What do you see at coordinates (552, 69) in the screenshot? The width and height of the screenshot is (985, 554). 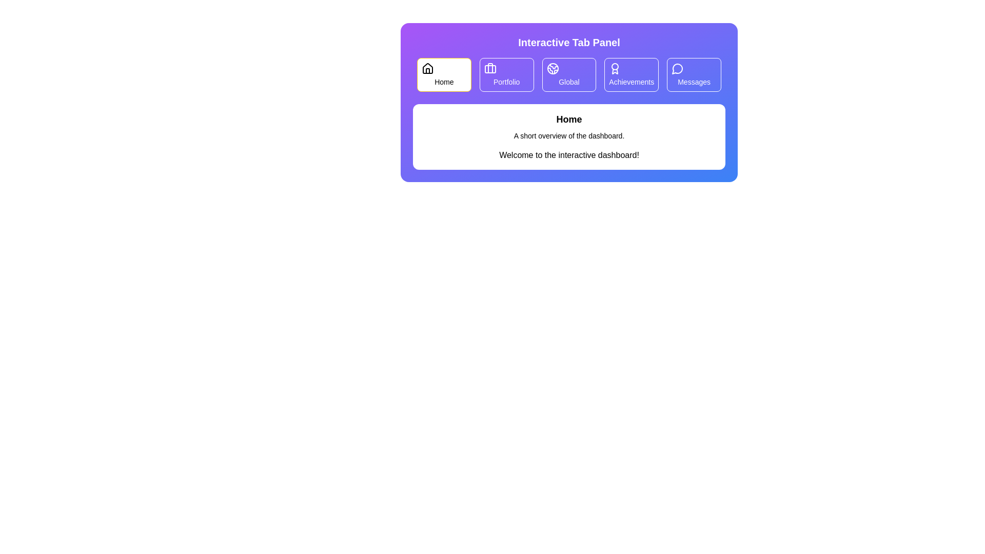 I see `the circular icon resembling a globe within the 'Global' tab in the navigation panel` at bounding box center [552, 69].